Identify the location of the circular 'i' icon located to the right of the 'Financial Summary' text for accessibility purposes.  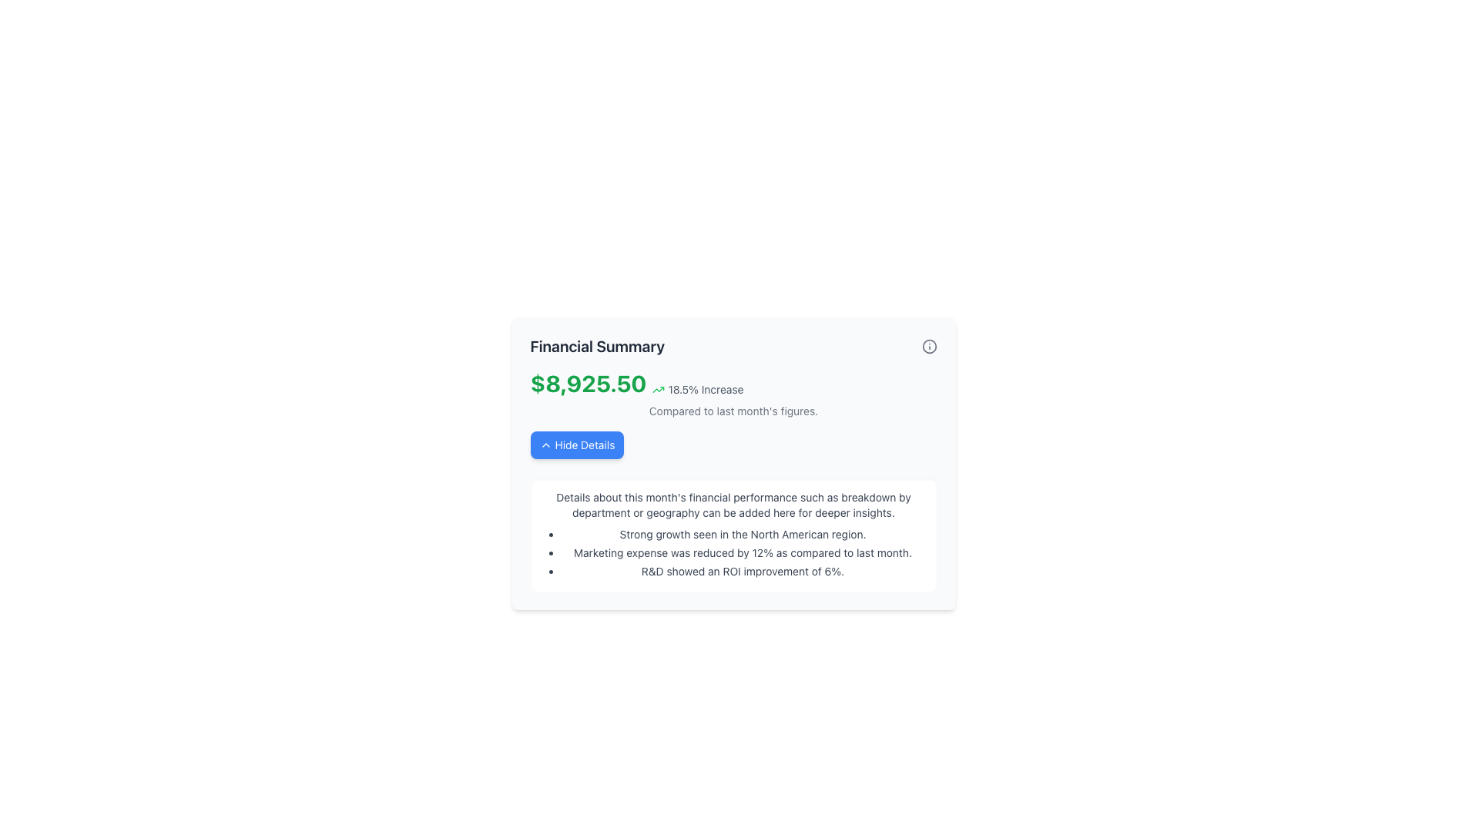
(928, 347).